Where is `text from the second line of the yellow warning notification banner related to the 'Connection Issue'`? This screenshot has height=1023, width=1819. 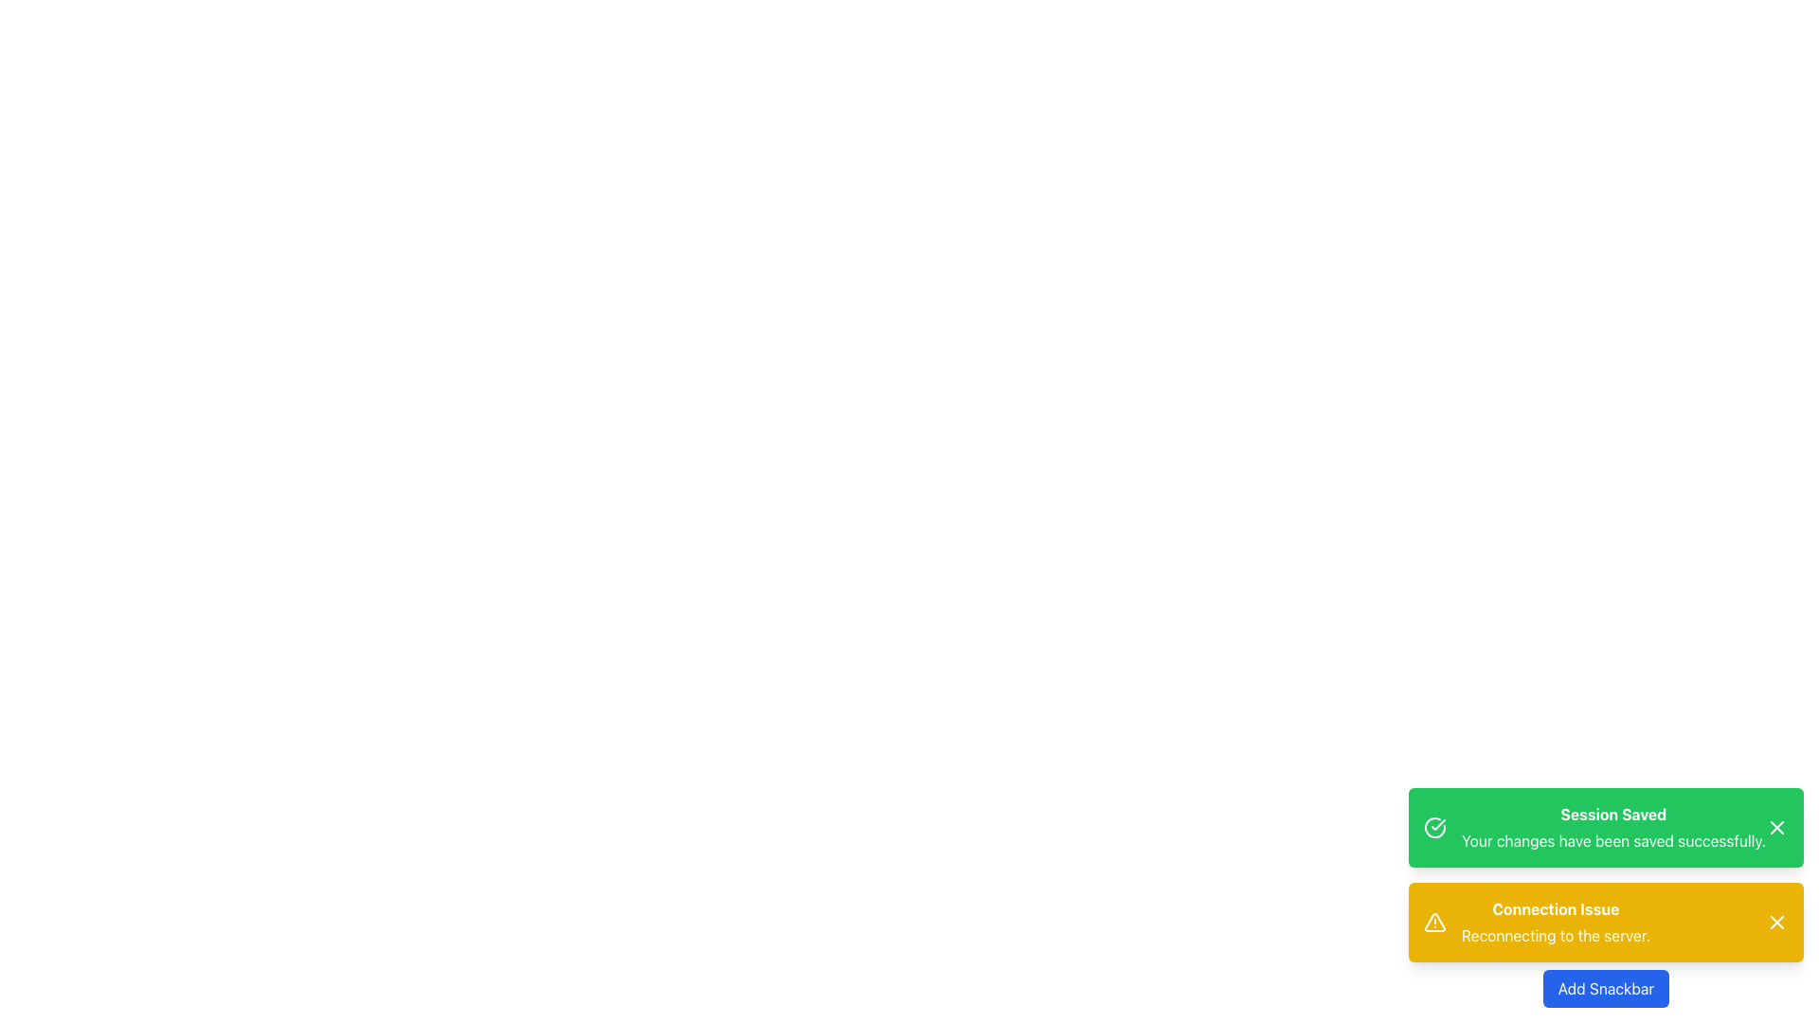
text from the second line of the yellow warning notification banner related to the 'Connection Issue' is located at coordinates (1556, 934).